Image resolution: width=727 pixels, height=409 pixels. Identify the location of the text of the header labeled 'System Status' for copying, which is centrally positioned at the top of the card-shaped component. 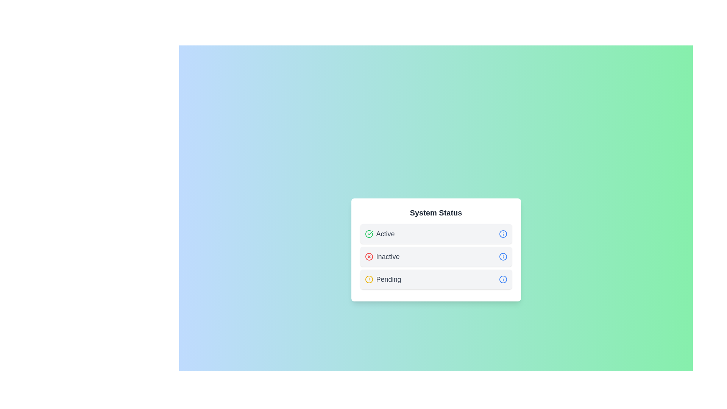
(436, 213).